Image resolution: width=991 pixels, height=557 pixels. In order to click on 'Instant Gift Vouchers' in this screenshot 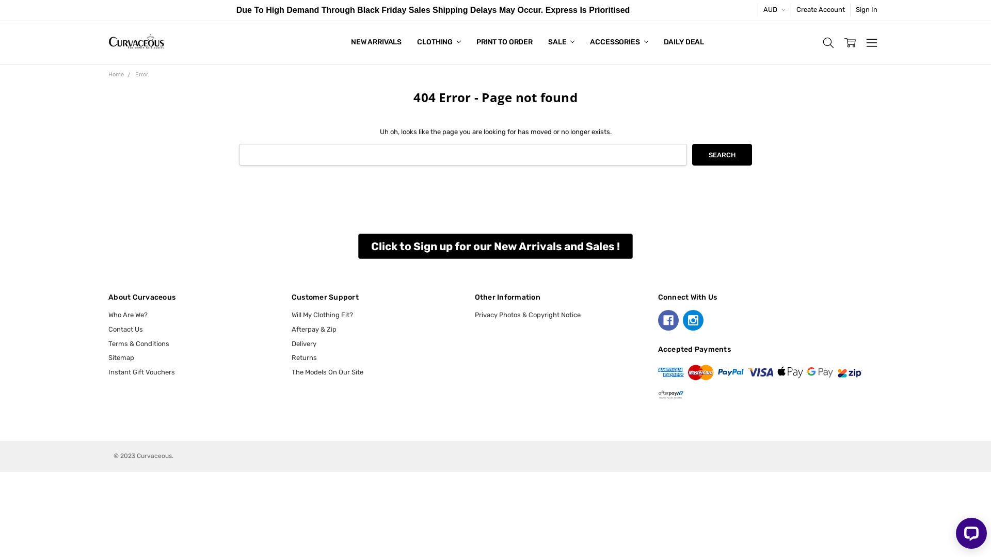, I will do `click(141, 372)`.